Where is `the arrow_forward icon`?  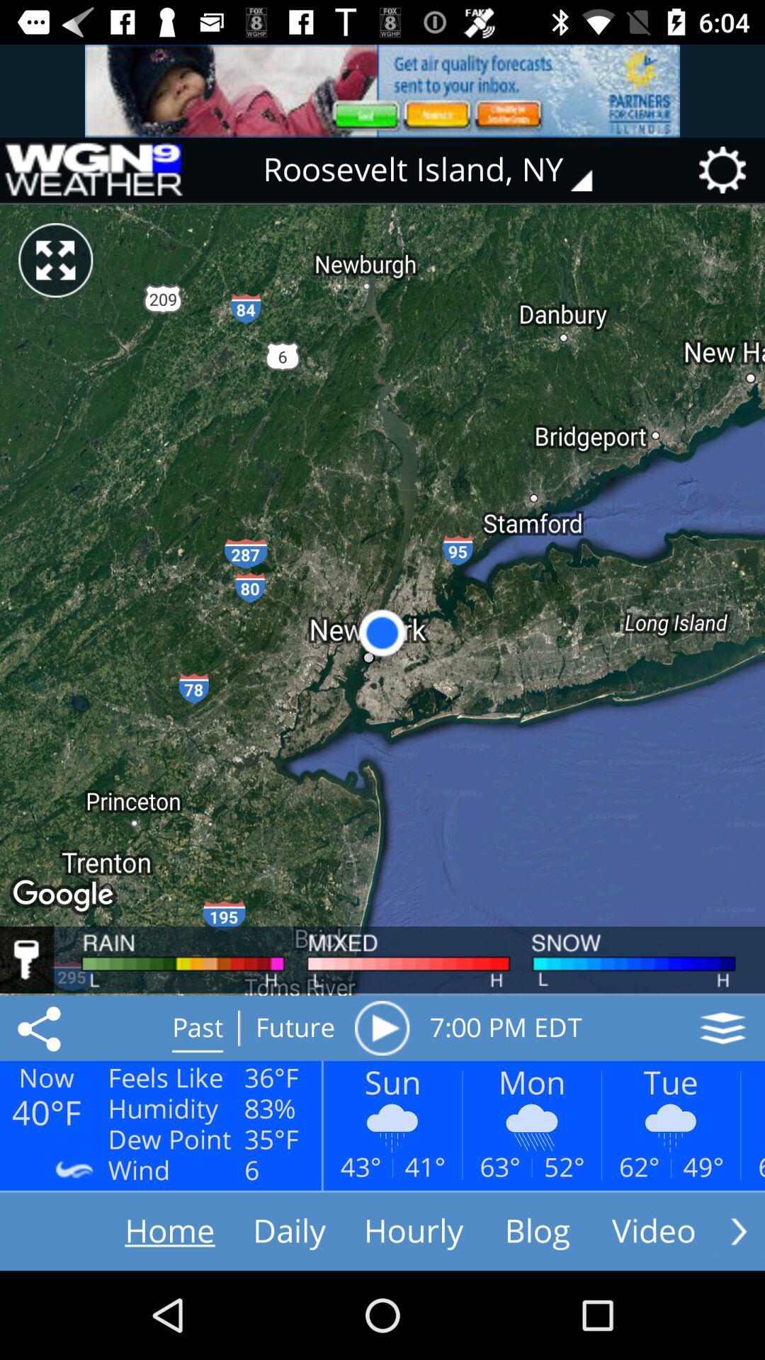
the arrow_forward icon is located at coordinates (738, 1230).